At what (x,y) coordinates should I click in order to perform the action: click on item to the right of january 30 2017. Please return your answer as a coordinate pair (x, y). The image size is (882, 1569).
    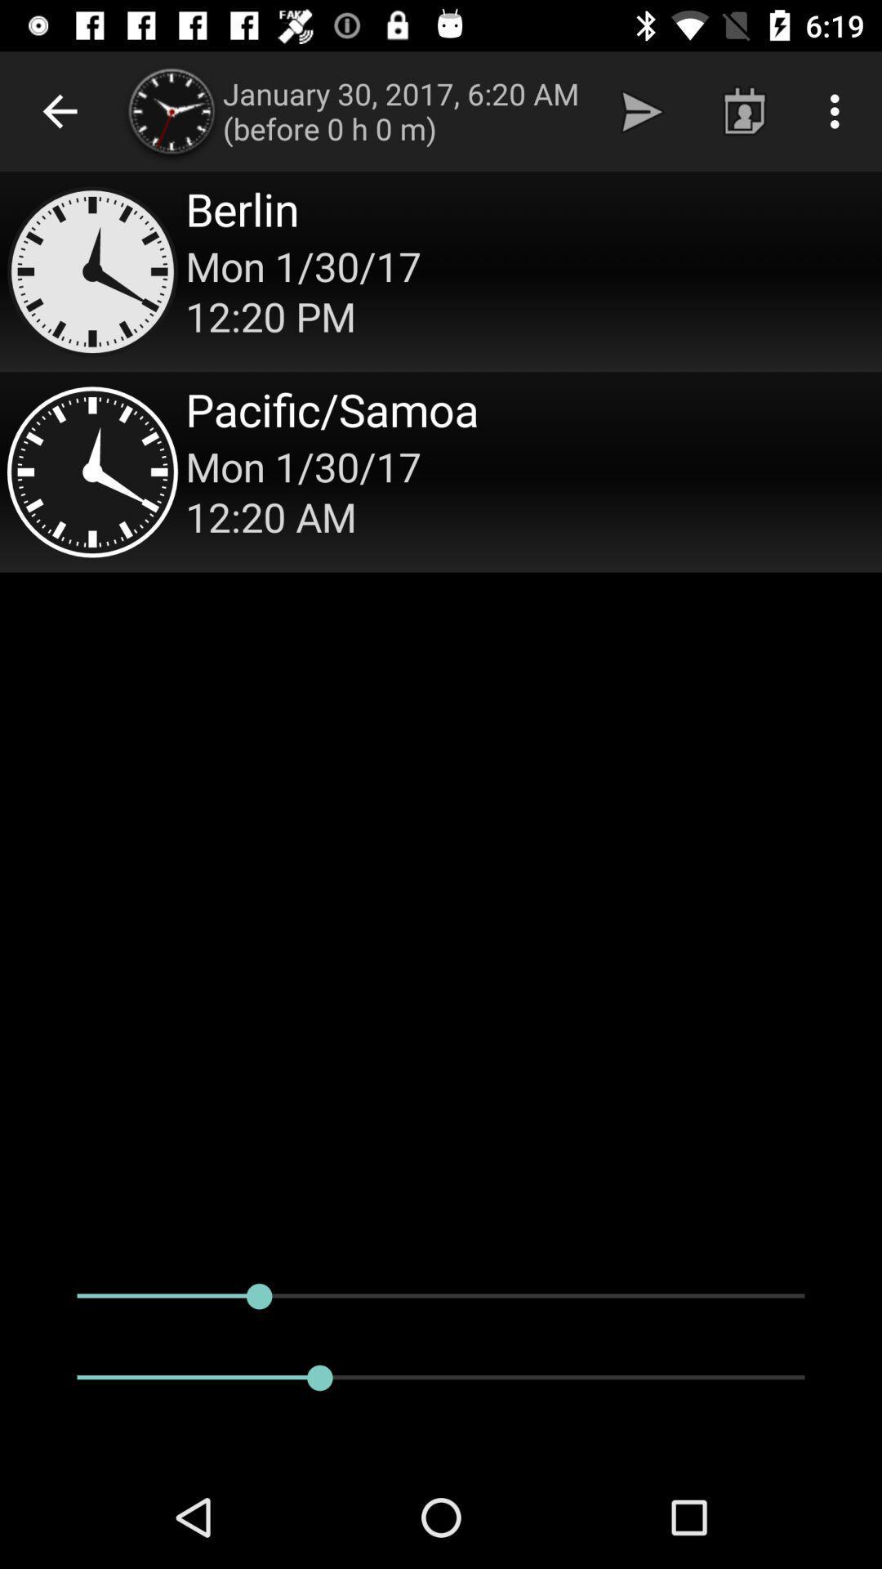
    Looking at the image, I should click on (641, 110).